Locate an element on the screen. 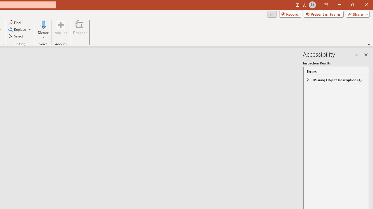 This screenshot has height=209, width=373. 'Select' is located at coordinates (18, 36).